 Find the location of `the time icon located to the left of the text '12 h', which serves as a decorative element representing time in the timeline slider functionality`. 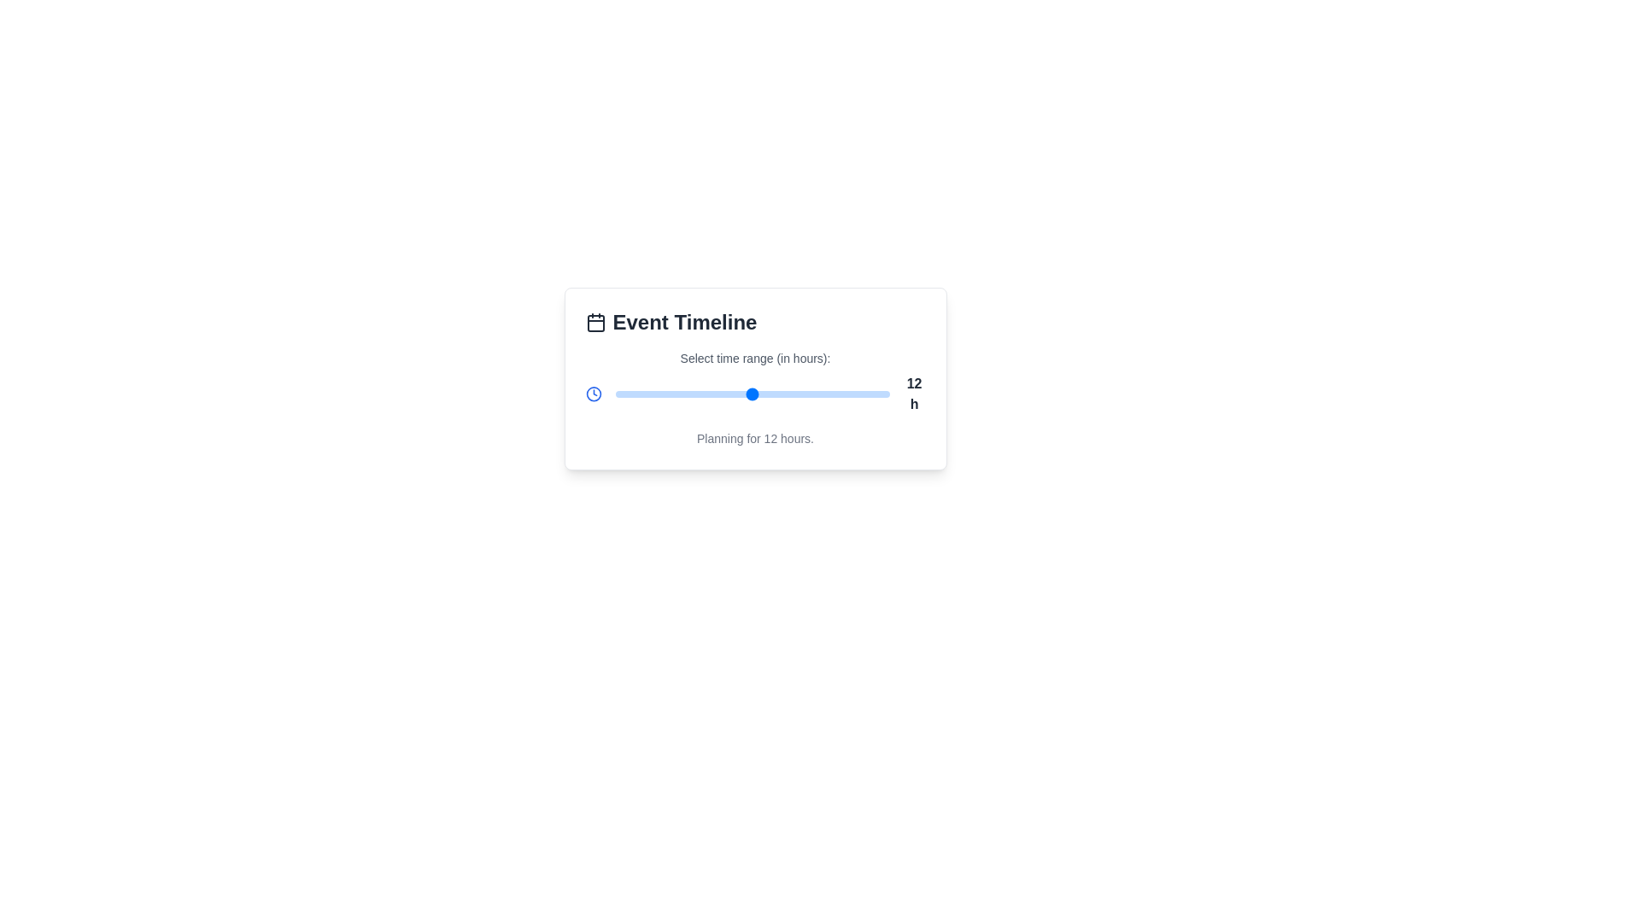

the time icon located to the left of the text '12 h', which serves as a decorative element representing time in the timeline slider functionality is located at coordinates (594, 394).